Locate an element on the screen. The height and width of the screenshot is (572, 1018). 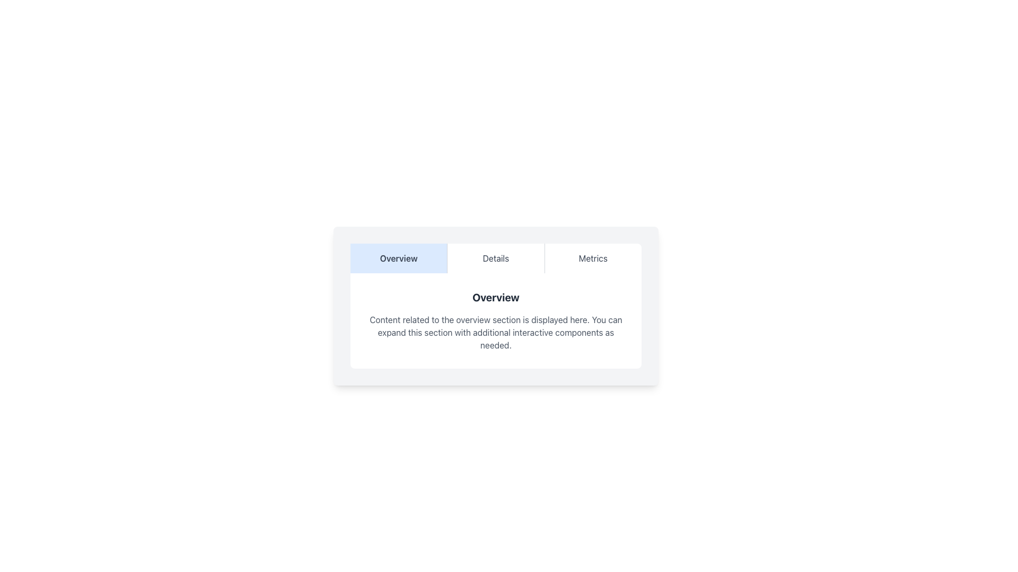
the 'Overview' button located in the top-left corner of the button group is located at coordinates (398, 258).